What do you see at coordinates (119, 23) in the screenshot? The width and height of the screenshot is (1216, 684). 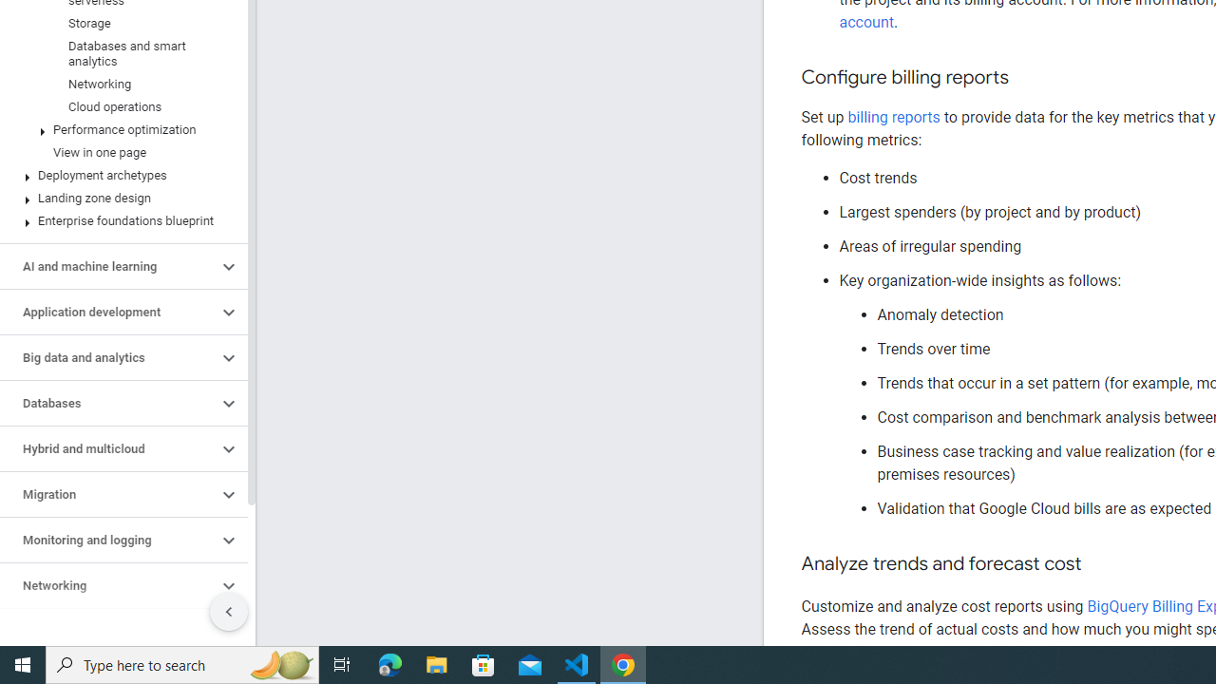 I see `'Storage'` at bounding box center [119, 23].